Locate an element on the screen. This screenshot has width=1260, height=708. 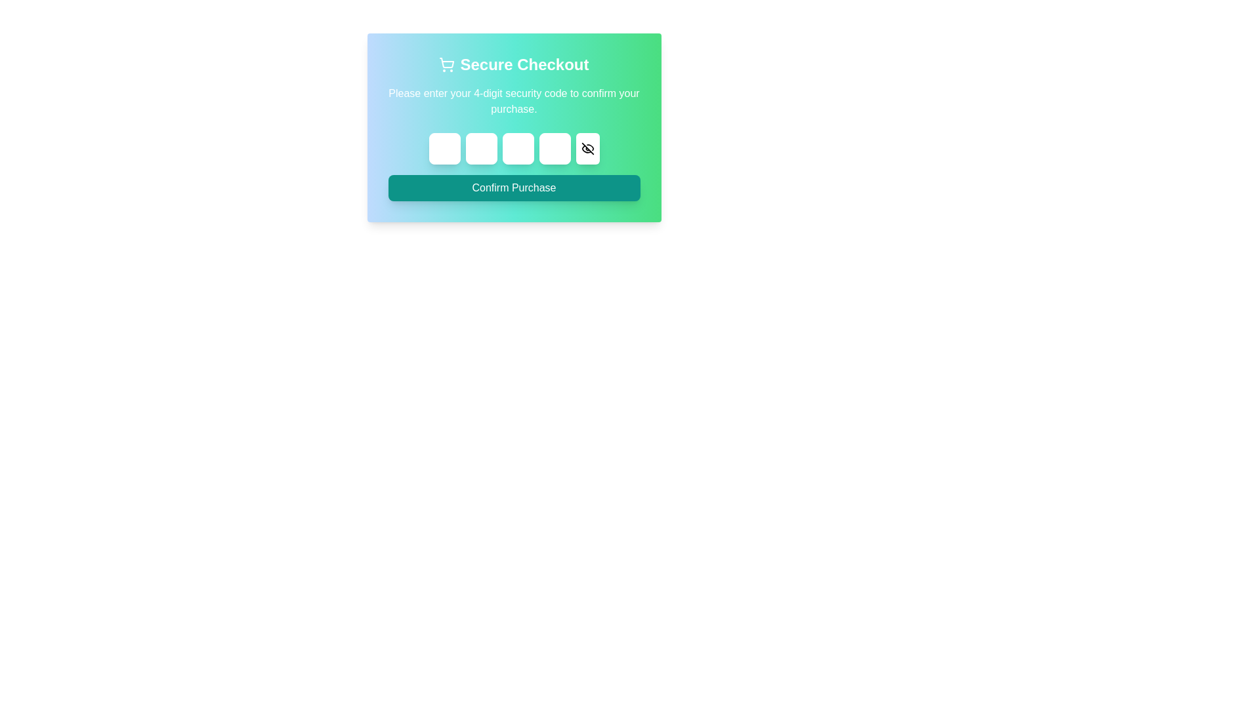
the Text Label with Icon that indicates the purpose of the secure checkout process, located at the top of the rounded box with gradient background is located at coordinates (513, 65).